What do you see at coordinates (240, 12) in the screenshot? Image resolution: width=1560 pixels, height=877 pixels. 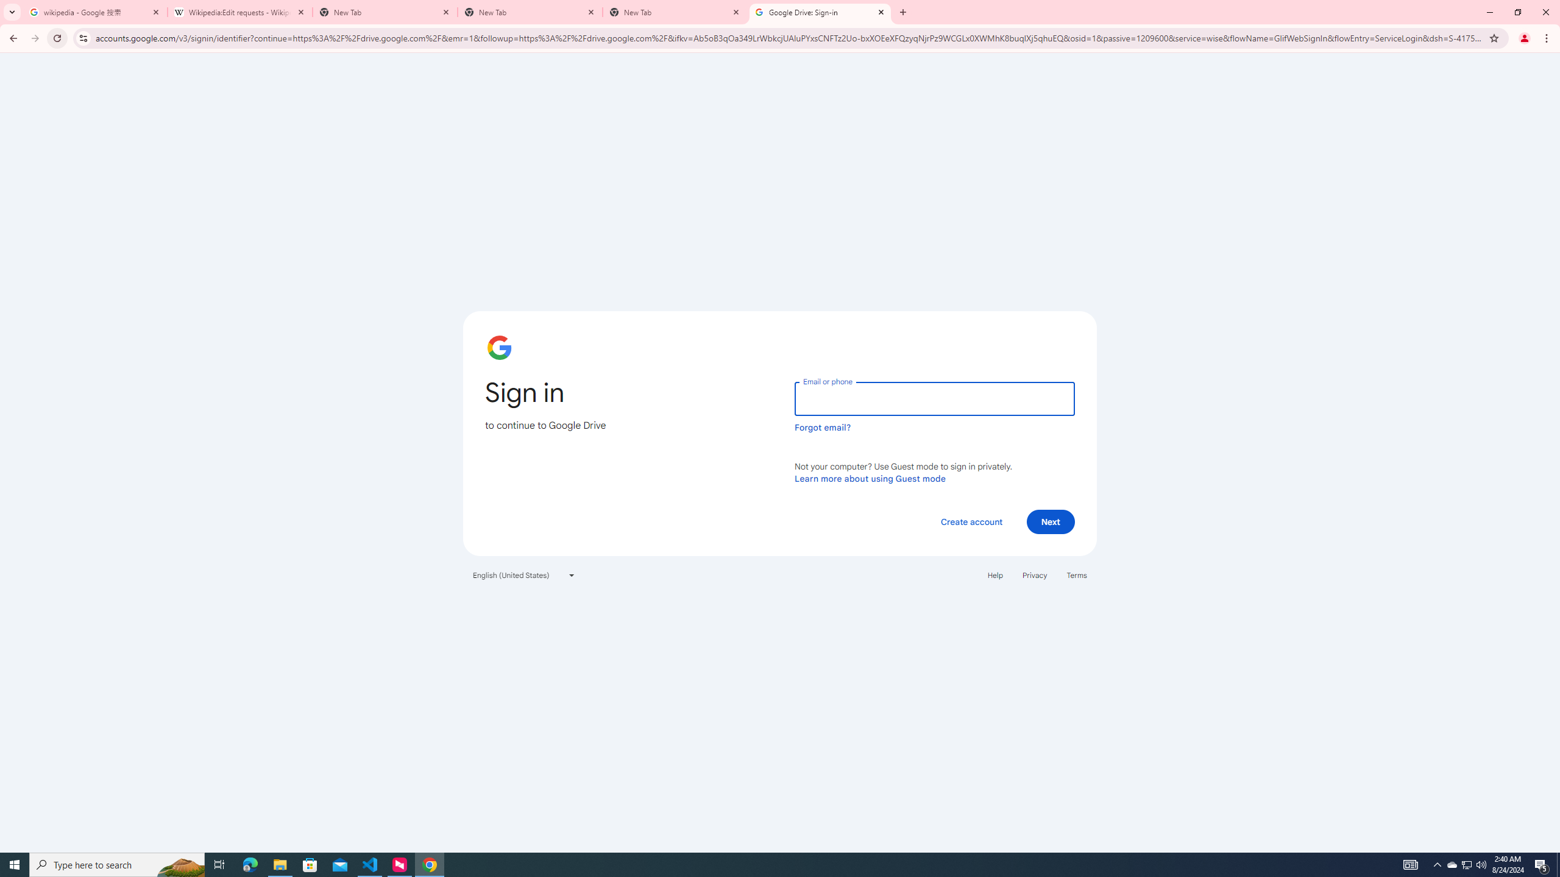 I see `'Wikipedia:Edit requests - Wikipedia'` at bounding box center [240, 12].